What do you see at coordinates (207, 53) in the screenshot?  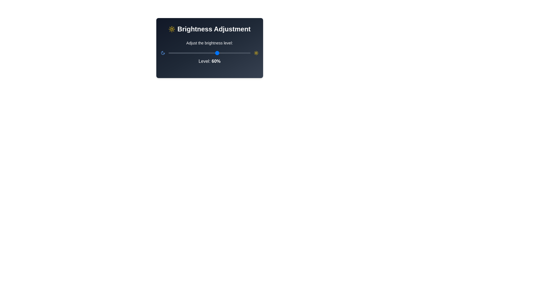 I see `brightness level` at bounding box center [207, 53].